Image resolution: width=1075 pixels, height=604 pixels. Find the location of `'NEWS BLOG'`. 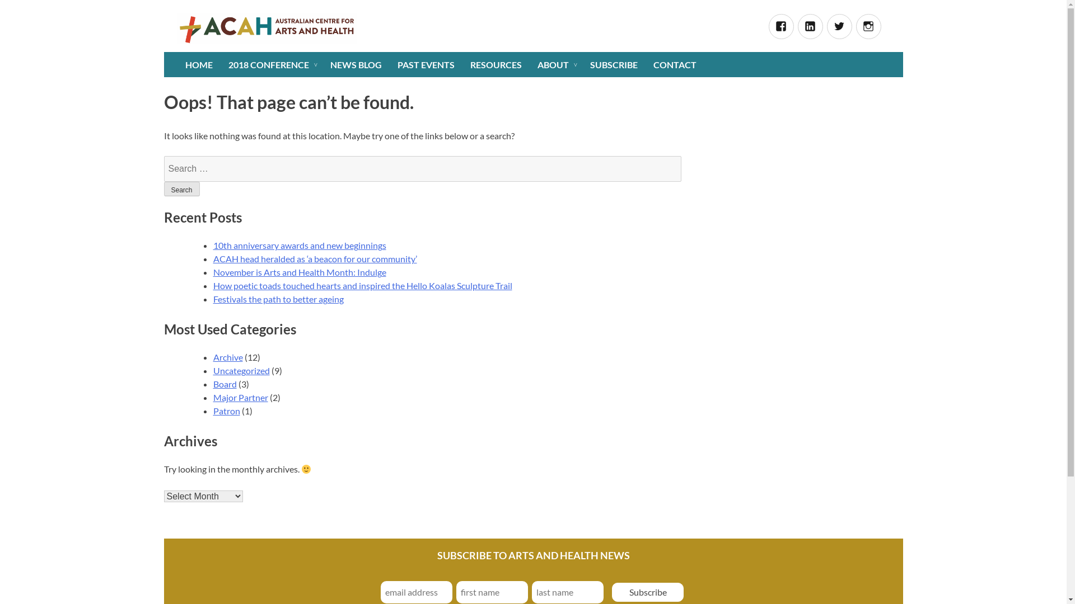

'NEWS BLOG' is located at coordinates (355, 64).